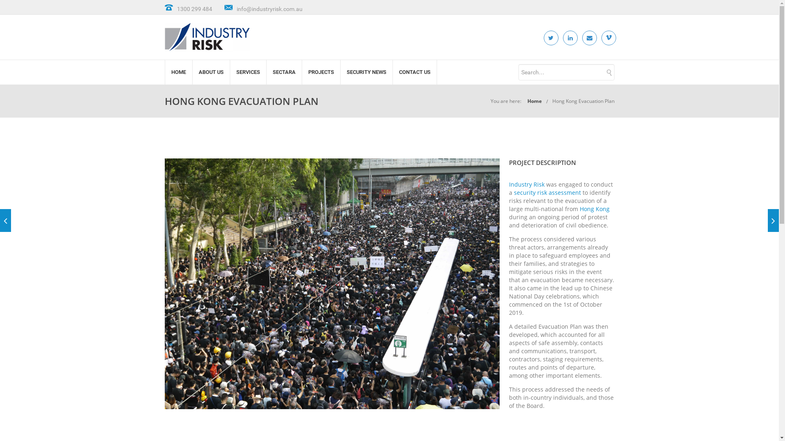 This screenshot has width=785, height=441. What do you see at coordinates (534, 100) in the screenshot?
I see `'Home'` at bounding box center [534, 100].